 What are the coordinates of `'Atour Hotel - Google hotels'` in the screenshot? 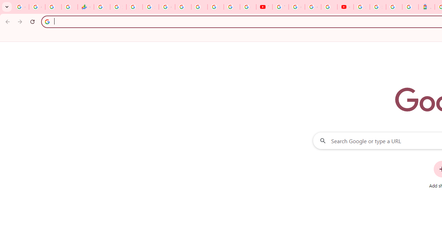 It's located at (426, 7).